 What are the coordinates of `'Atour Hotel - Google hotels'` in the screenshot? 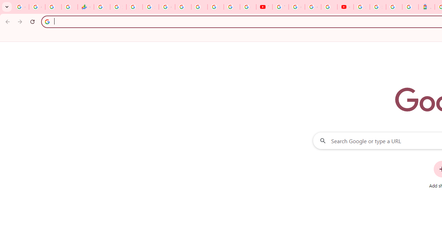 It's located at (426, 7).